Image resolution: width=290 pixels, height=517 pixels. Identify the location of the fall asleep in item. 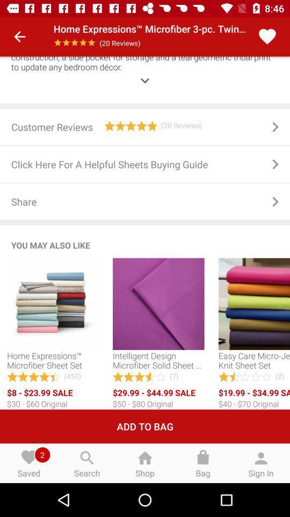
(145, 72).